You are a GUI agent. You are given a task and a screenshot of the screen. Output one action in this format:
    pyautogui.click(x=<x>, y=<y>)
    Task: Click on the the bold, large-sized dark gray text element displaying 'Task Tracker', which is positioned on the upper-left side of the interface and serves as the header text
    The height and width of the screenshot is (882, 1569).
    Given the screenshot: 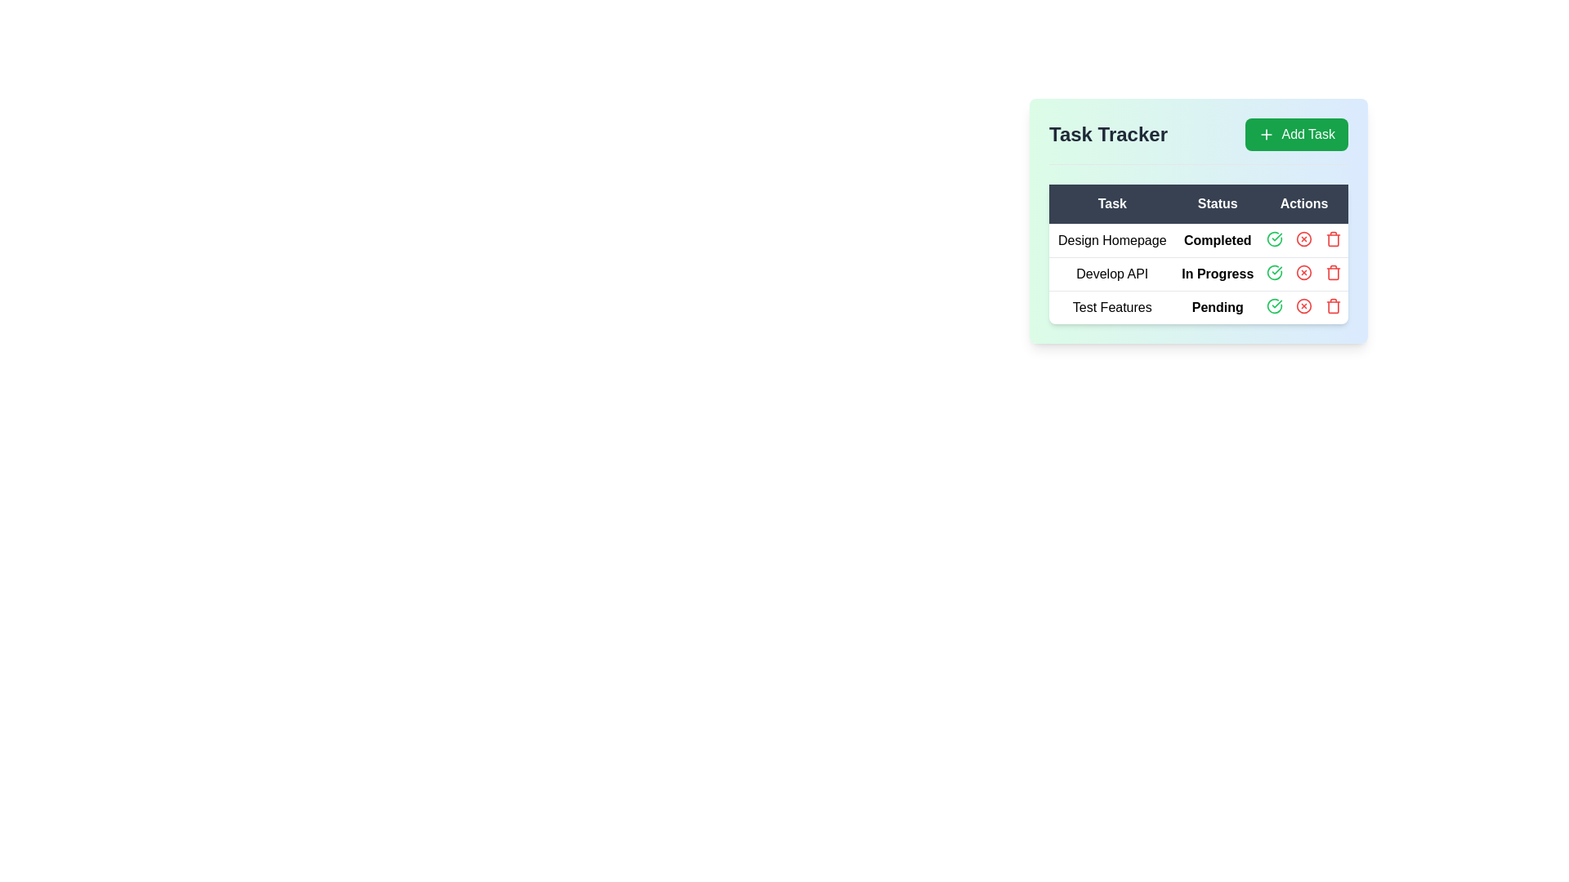 What is the action you would take?
    pyautogui.click(x=1108, y=134)
    